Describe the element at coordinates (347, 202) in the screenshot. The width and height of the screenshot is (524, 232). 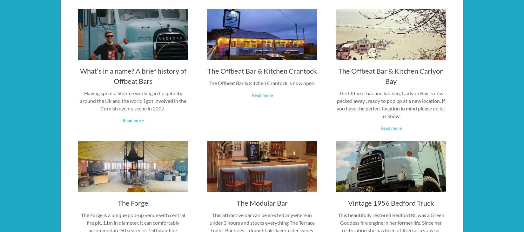
I see `'Vintage 1956 Bedford Truck'` at that location.